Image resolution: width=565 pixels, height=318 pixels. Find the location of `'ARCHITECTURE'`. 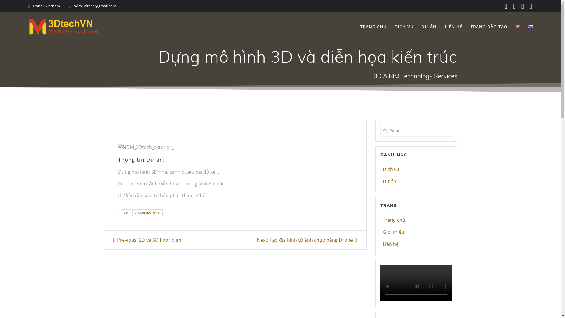

'ARCHITECTURE' is located at coordinates (147, 212).